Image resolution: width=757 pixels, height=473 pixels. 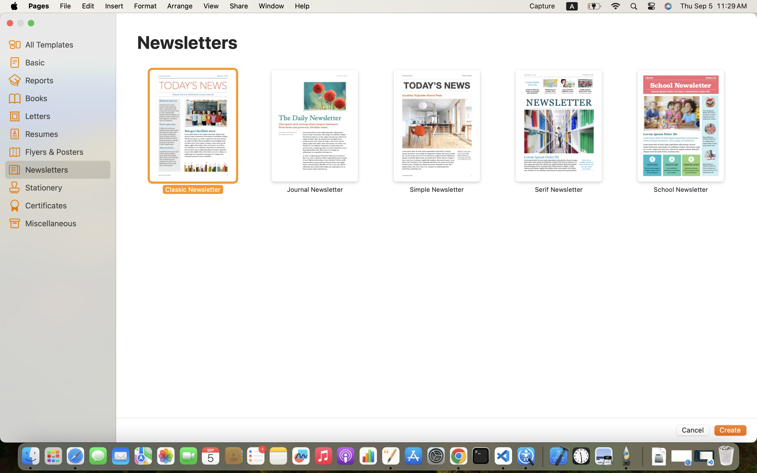 What do you see at coordinates (315, 131) in the screenshot?
I see `'‎⁨Journal Newsletter⁩'` at bounding box center [315, 131].